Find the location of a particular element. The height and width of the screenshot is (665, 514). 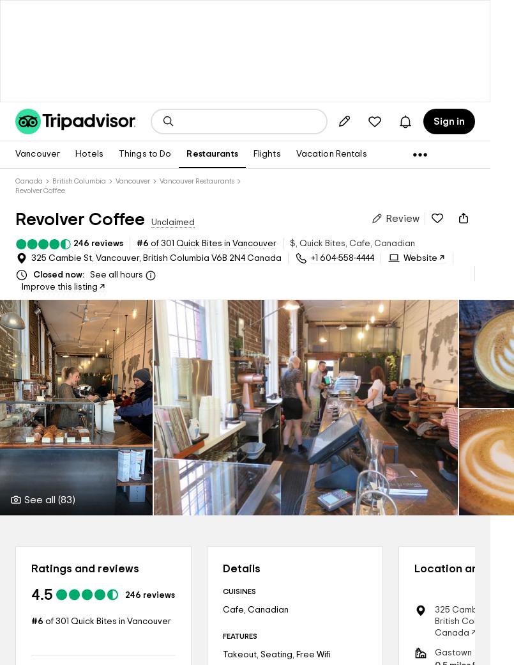

'Closed now' is located at coordinates (31, 275).